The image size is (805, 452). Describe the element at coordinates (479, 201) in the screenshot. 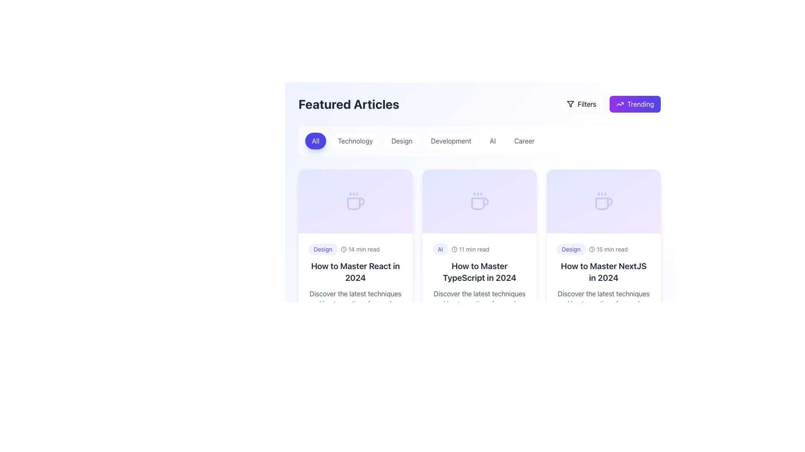

I see `the Decorative Graphic Element that serves as a header for the article card titled 'How to Master TypeScript in 2024', located in the second column of the grid layout` at that location.